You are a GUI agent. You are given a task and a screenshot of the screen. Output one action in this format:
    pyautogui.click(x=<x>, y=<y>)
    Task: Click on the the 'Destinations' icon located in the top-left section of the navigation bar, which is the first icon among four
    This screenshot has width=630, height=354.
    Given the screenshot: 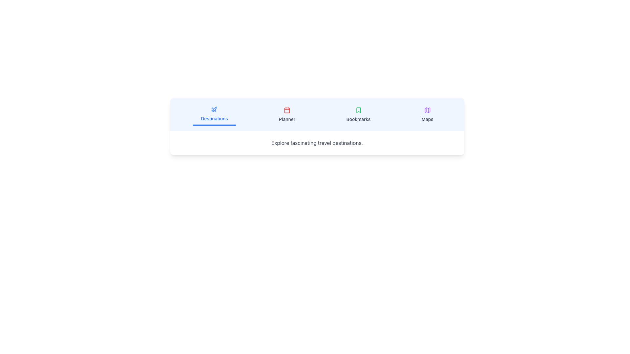 What is the action you would take?
    pyautogui.click(x=214, y=109)
    